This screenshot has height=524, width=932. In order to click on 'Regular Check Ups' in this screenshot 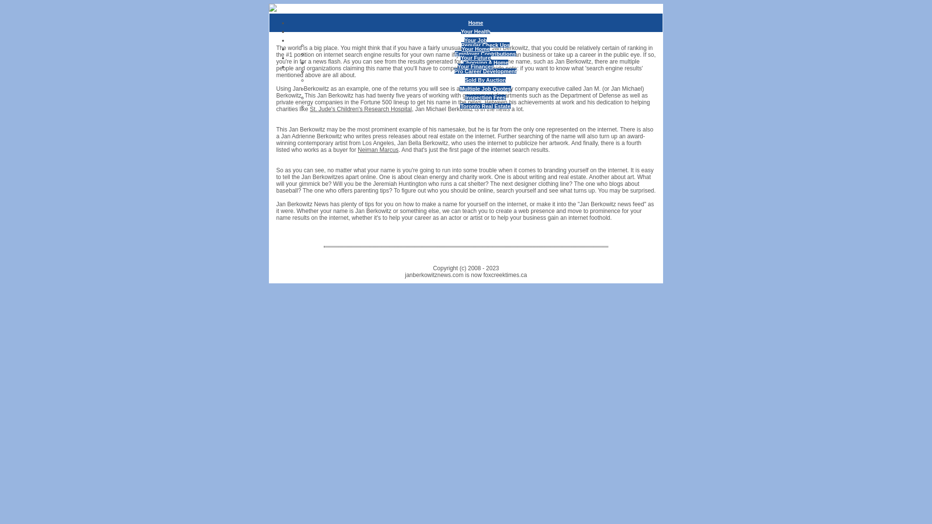, I will do `click(485, 45)`.